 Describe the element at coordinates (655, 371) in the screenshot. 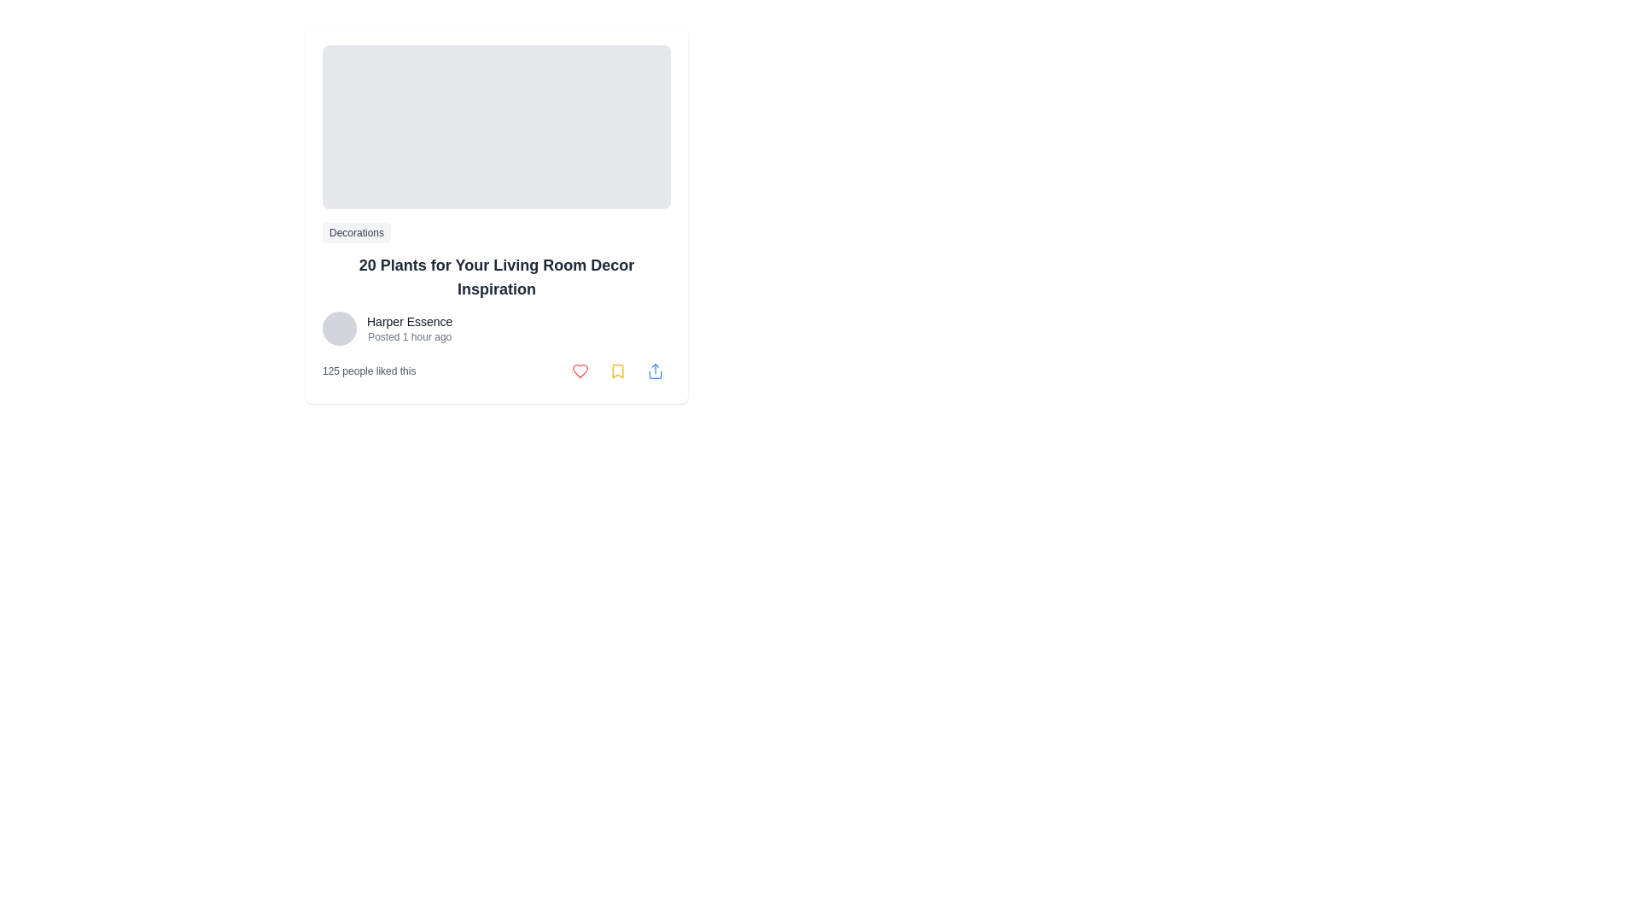

I see `the share button located at the bottom right corner of the card component, which is the third icon in the row` at that location.